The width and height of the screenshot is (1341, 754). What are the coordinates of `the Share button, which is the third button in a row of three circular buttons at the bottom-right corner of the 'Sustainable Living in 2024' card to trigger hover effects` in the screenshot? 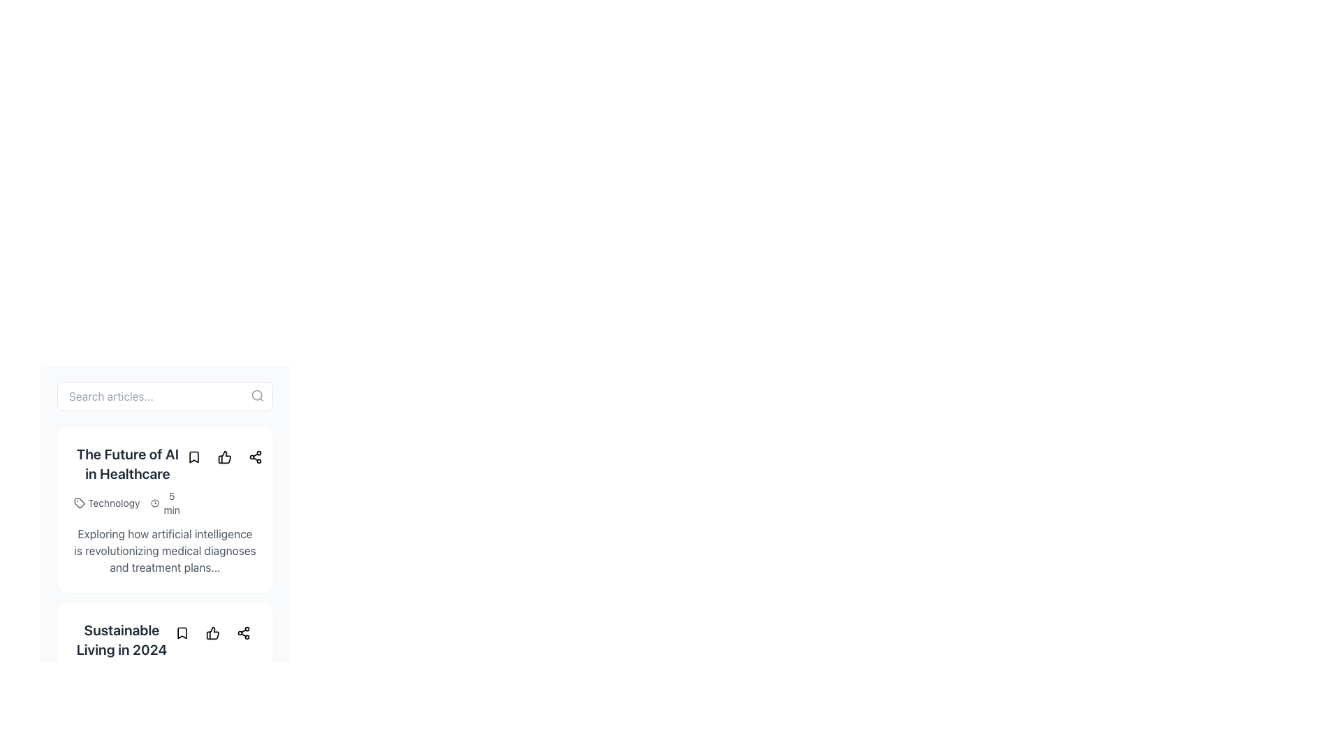 It's located at (244, 633).